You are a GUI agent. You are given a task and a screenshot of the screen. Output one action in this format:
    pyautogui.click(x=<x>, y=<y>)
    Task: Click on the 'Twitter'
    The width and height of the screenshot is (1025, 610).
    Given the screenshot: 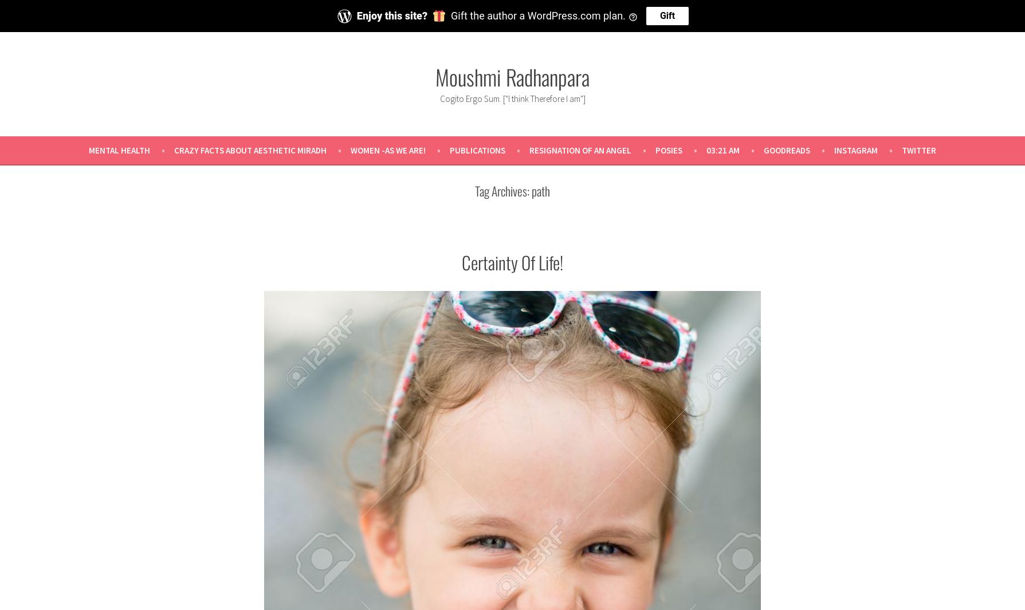 What is the action you would take?
    pyautogui.click(x=918, y=149)
    